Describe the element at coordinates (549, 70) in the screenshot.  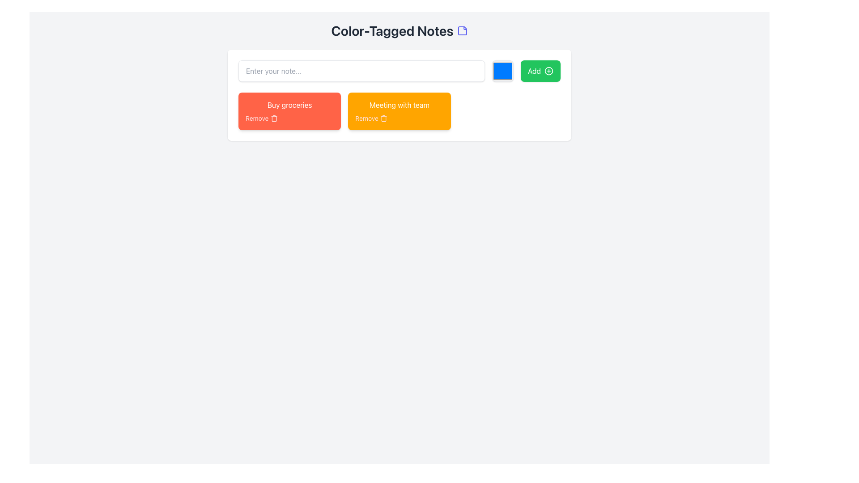
I see `the circular base of the plus icon inside the green 'Add' button located at the top-right of the white card interface` at that location.